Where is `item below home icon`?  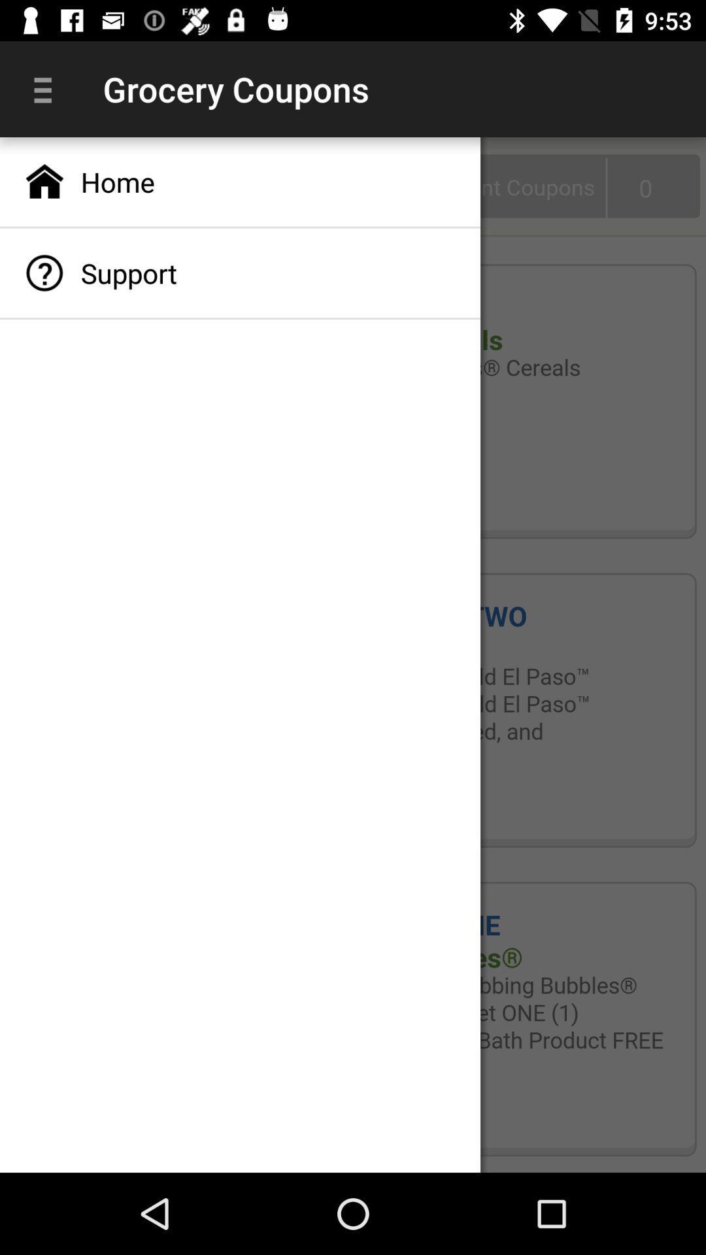 item below home icon is located at coordinates (240, 272).